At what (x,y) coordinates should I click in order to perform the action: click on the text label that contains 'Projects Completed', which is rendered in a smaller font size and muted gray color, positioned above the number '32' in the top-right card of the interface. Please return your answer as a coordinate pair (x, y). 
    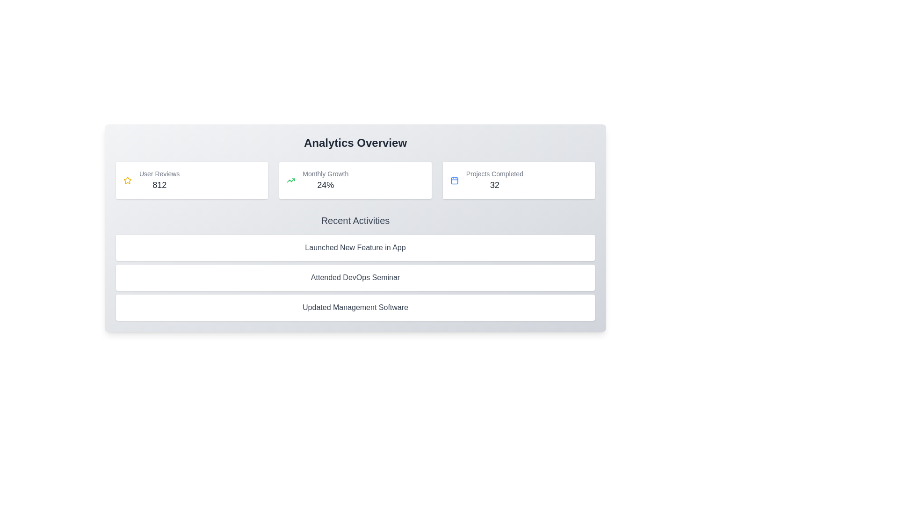
    Looking at the image, I should click on (494, 173).